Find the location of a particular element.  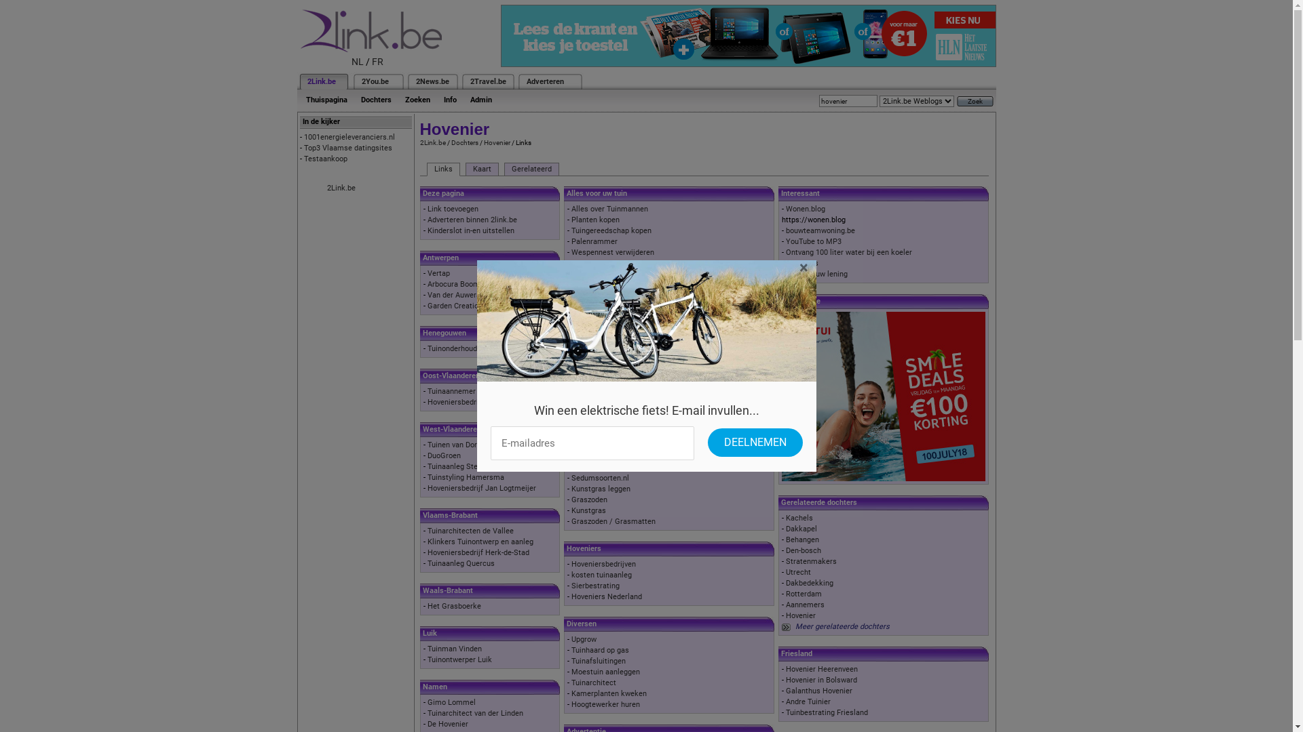

'Gerelateerd' is located at coordinates (530, 169).